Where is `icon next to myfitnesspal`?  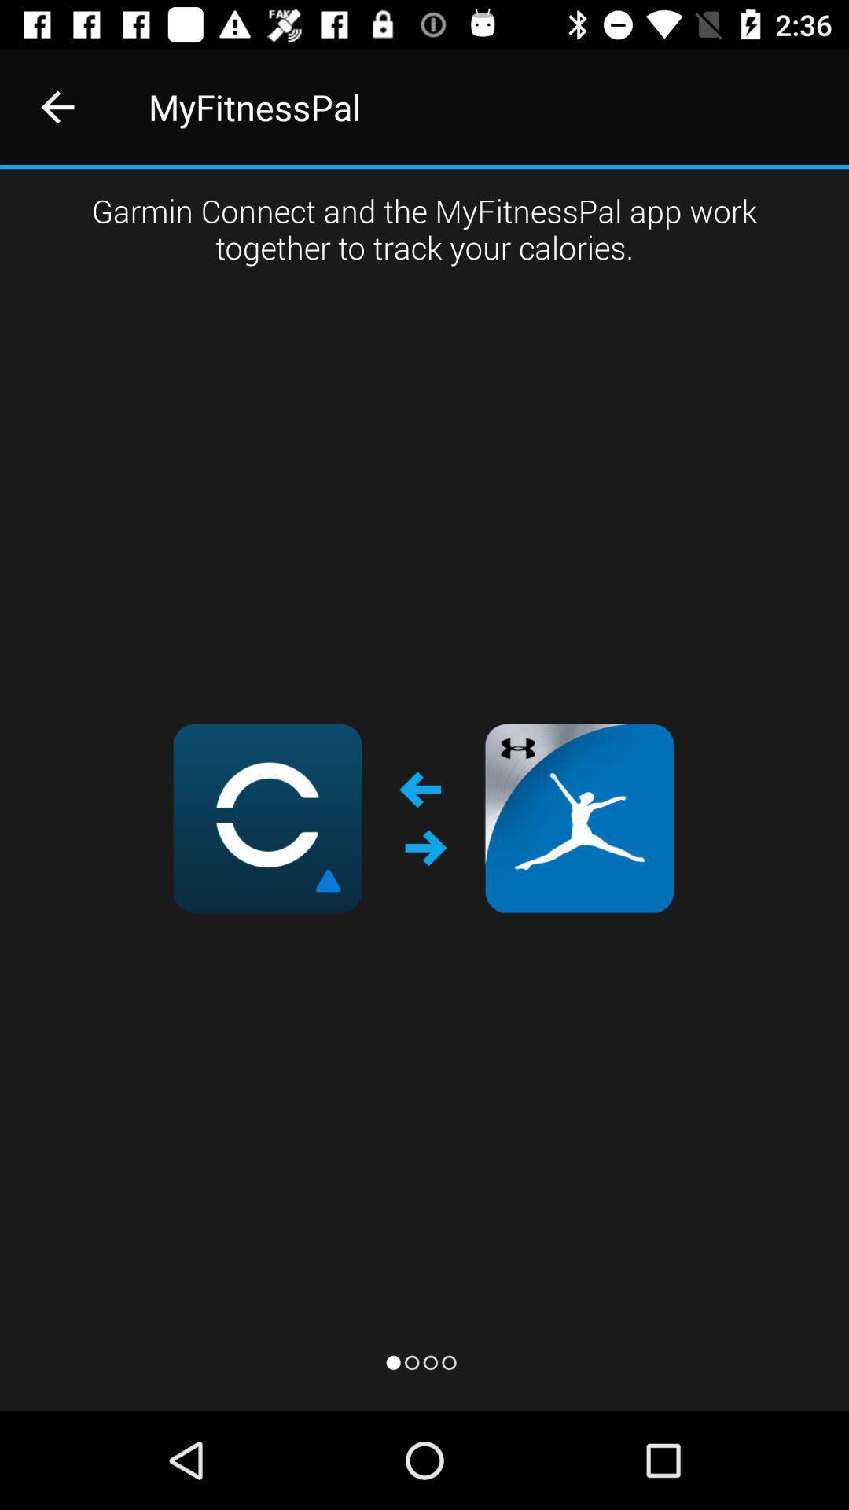
icon next to myfitnesspal is located at coordinates (57, 106).